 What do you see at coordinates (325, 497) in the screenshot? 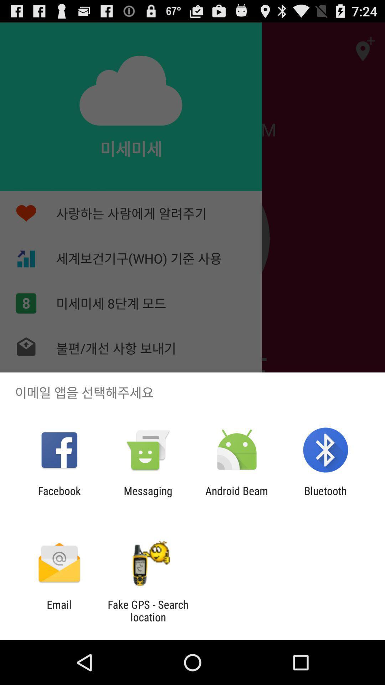
I see `icon to the right of the android beam item` at bounding box center [325, 497].